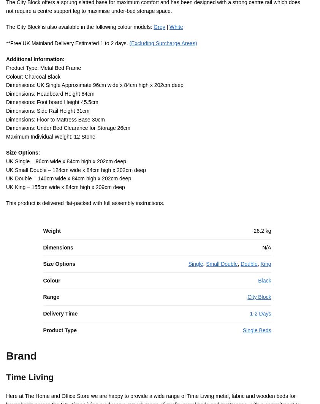  Describe the element at coordinates (75, 179) in the screenshot. I see `'UK Small Double – 124cm wide x 84cm high x 202cm deep'` at that location.